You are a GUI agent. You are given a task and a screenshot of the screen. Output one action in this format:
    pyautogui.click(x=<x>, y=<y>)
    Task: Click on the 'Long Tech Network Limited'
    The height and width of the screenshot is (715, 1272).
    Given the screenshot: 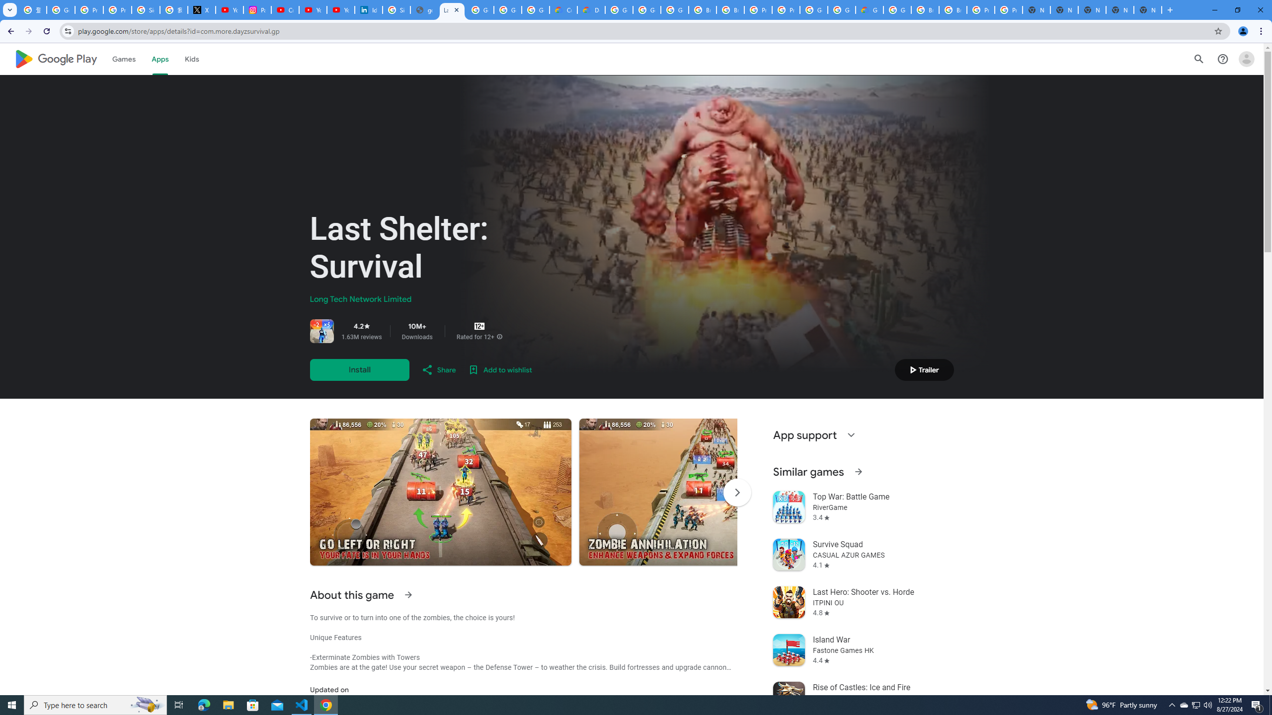 What is the action you would take?
    pyautogui.click(x=360, y=299)
    